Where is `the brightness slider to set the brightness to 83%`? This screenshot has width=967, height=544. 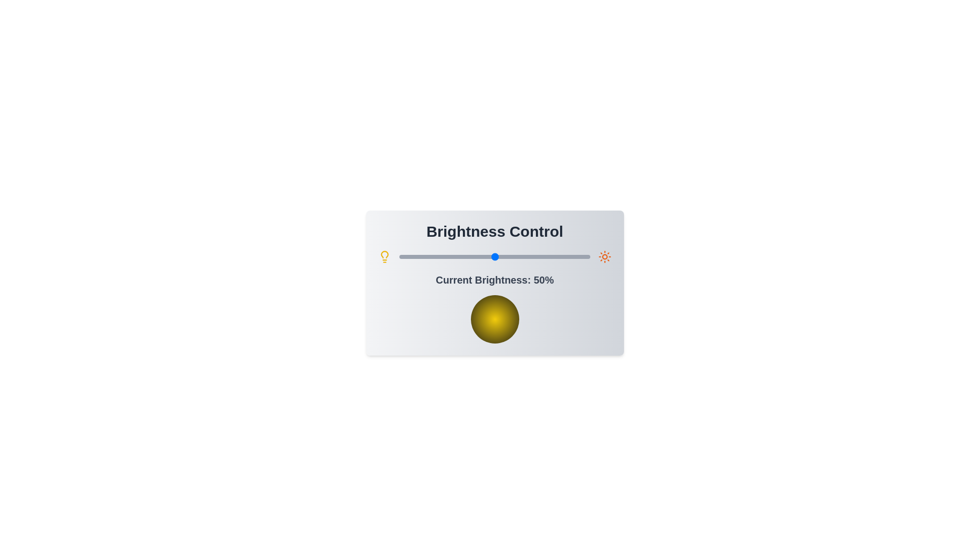 the brightness slider to set the brightness to 83% is located at coordinates (557, 256).